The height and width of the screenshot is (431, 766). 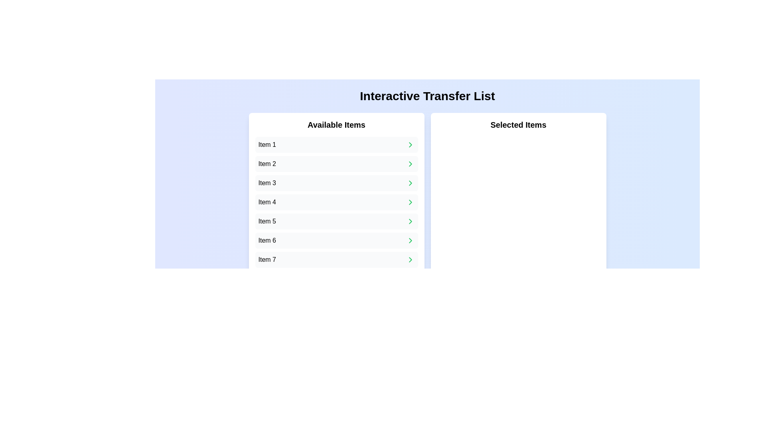 What do you see at coordinates (267, 240) in the screenshot?
I see `the text label displaying 'Item 6'` at bounding box center [267, 240].